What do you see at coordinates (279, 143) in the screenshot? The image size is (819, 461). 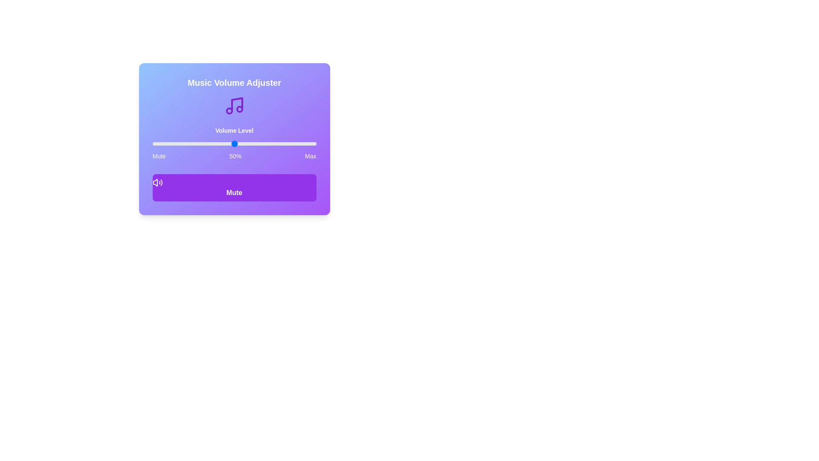 I see `the volume slider to set the volume to 77%` at bounding box center [279, 143].